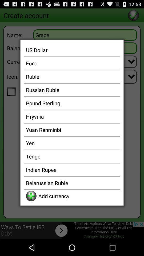 Image resolution: width=144 pixels, height=256 pixels. Describe the element at coordinates (72, 129) in the screenshot. I see `yuan renminbi icon` at that location.